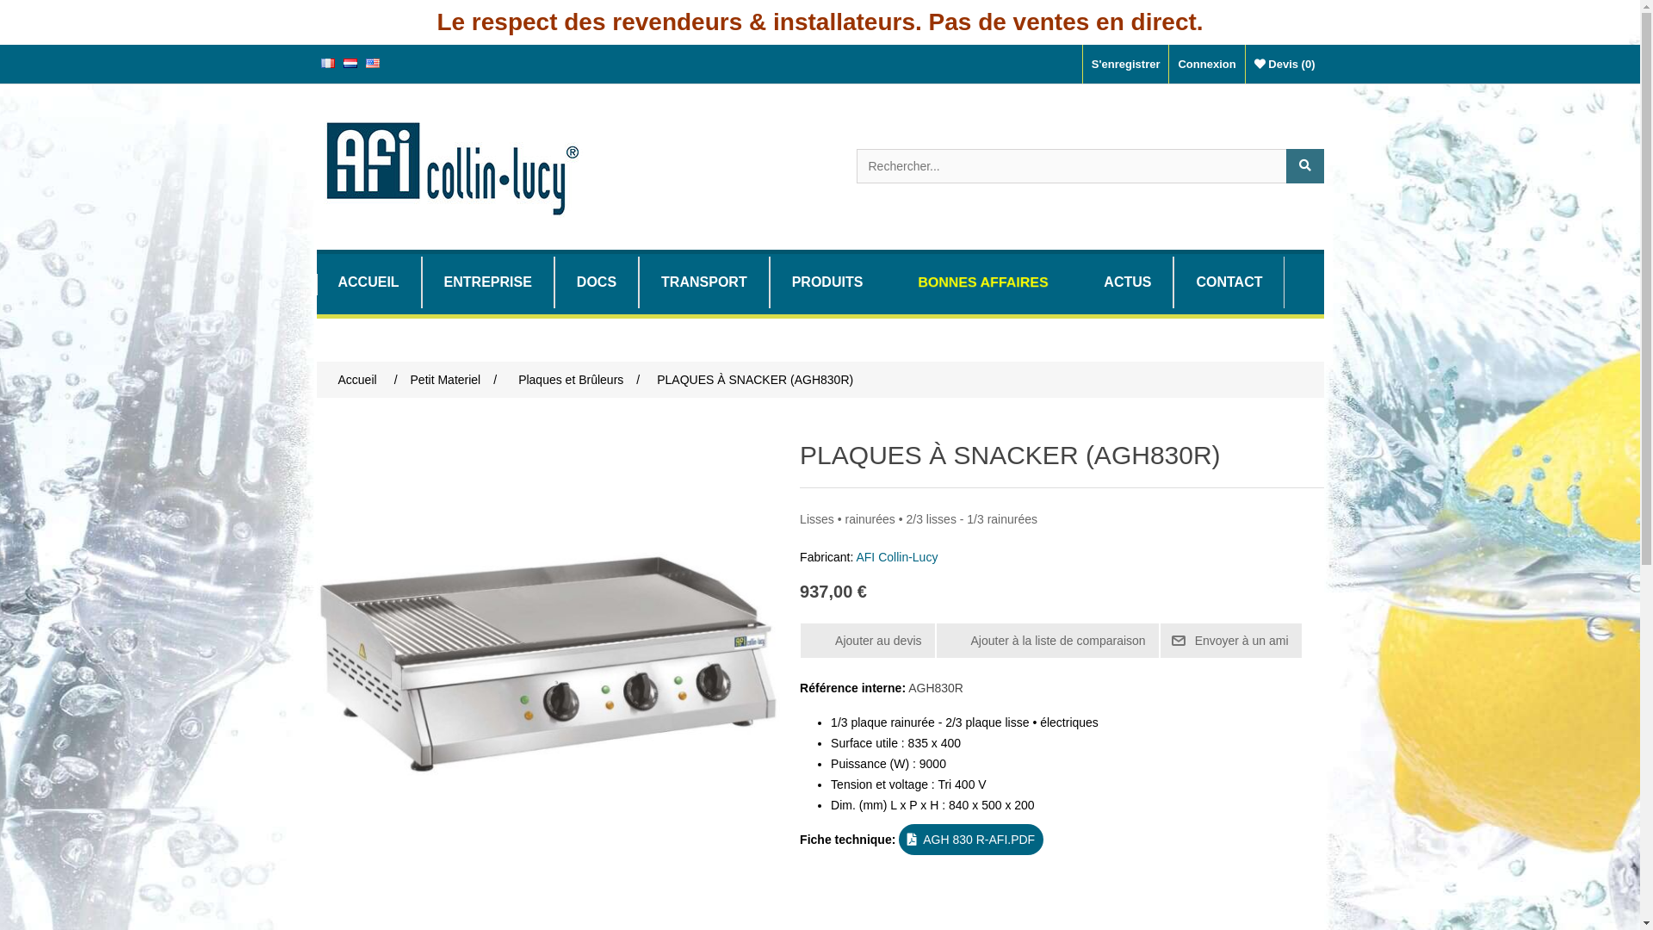 This screenshot has height=930, width=1653. Describe the element at coordinates (867, 641) in the screenshot. I see `'Ajouter au devis'` at that location.